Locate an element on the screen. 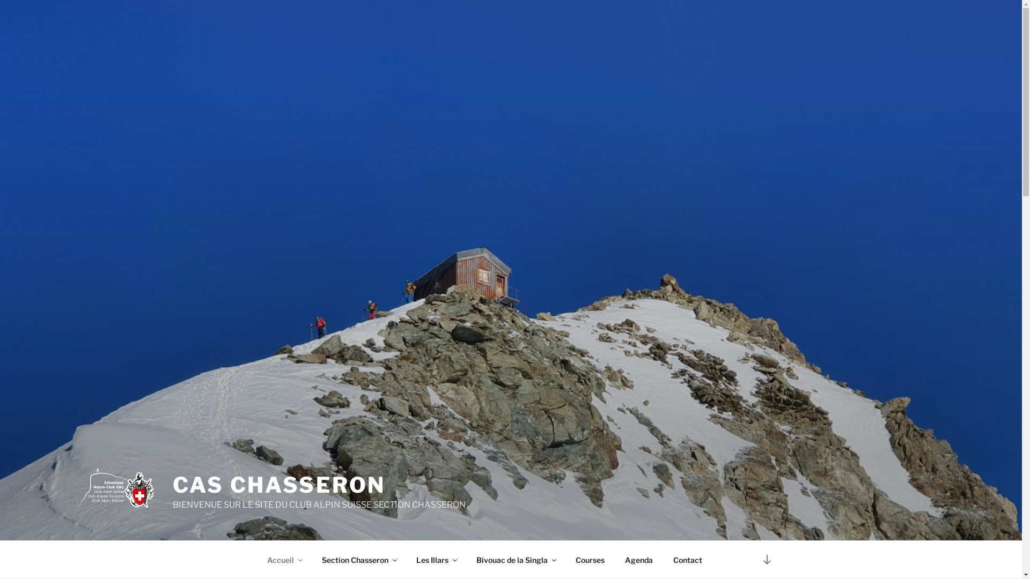 This screenshot has height=579, width=1030. 'Courses' is located at coordinates (590, 559).